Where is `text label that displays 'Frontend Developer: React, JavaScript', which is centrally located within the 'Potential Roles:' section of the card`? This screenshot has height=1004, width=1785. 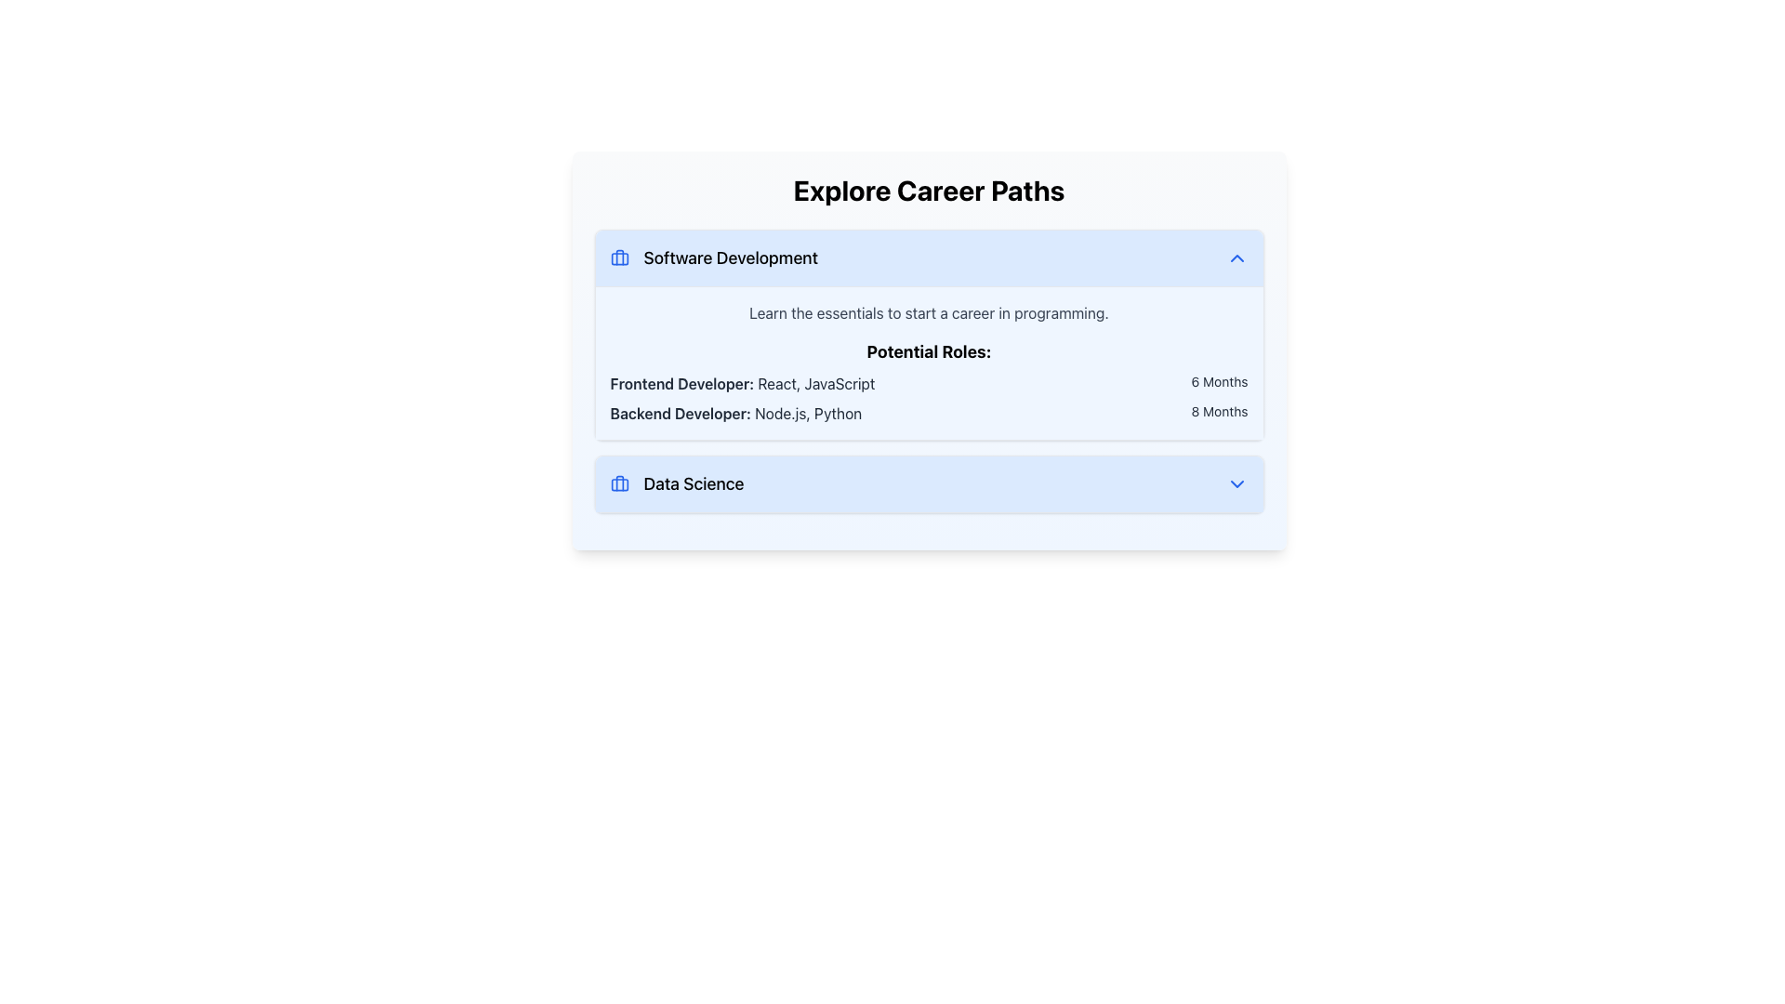
text label that displays 'Frontend Developer: React, JavaScript', which is centrally located within the 'Potential Roles:' section of the card is located at coordinates (741, 382).